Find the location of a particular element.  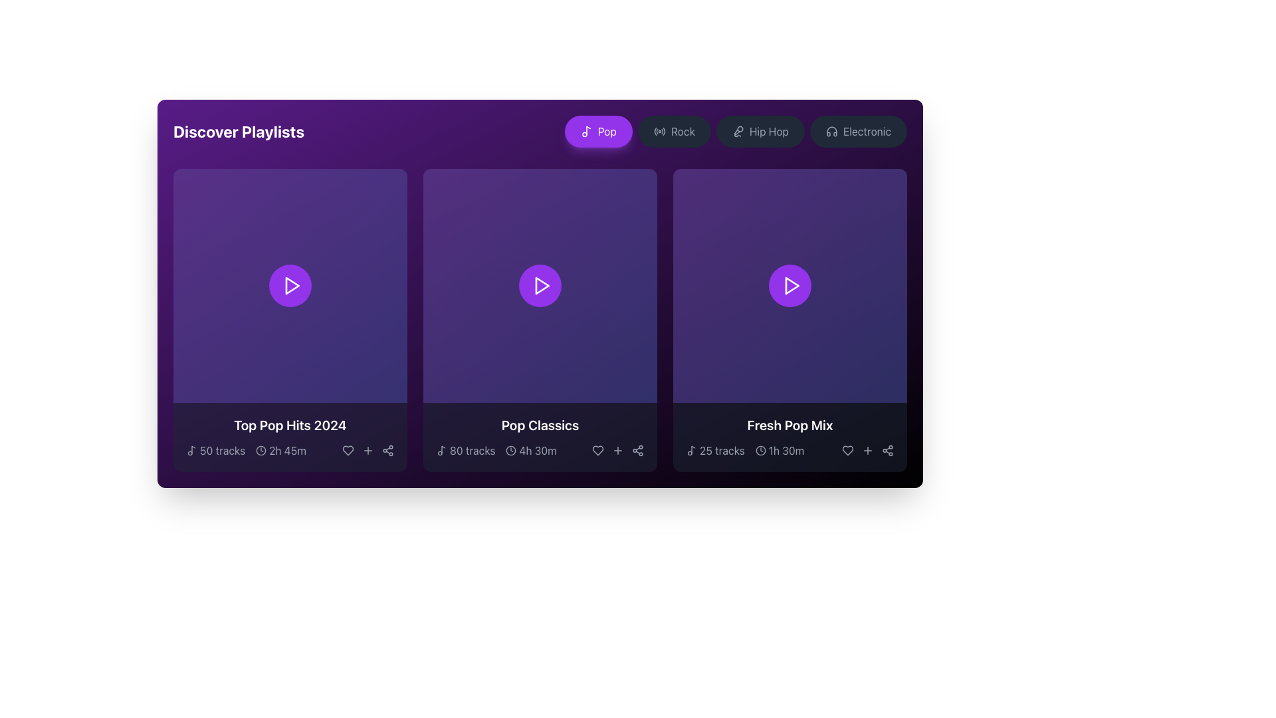

the 'Pop' category button, which has a rounded rectangular shape with a purple background and white text, to filter content by the 'Pop' category is located at coordinates (597, 131).